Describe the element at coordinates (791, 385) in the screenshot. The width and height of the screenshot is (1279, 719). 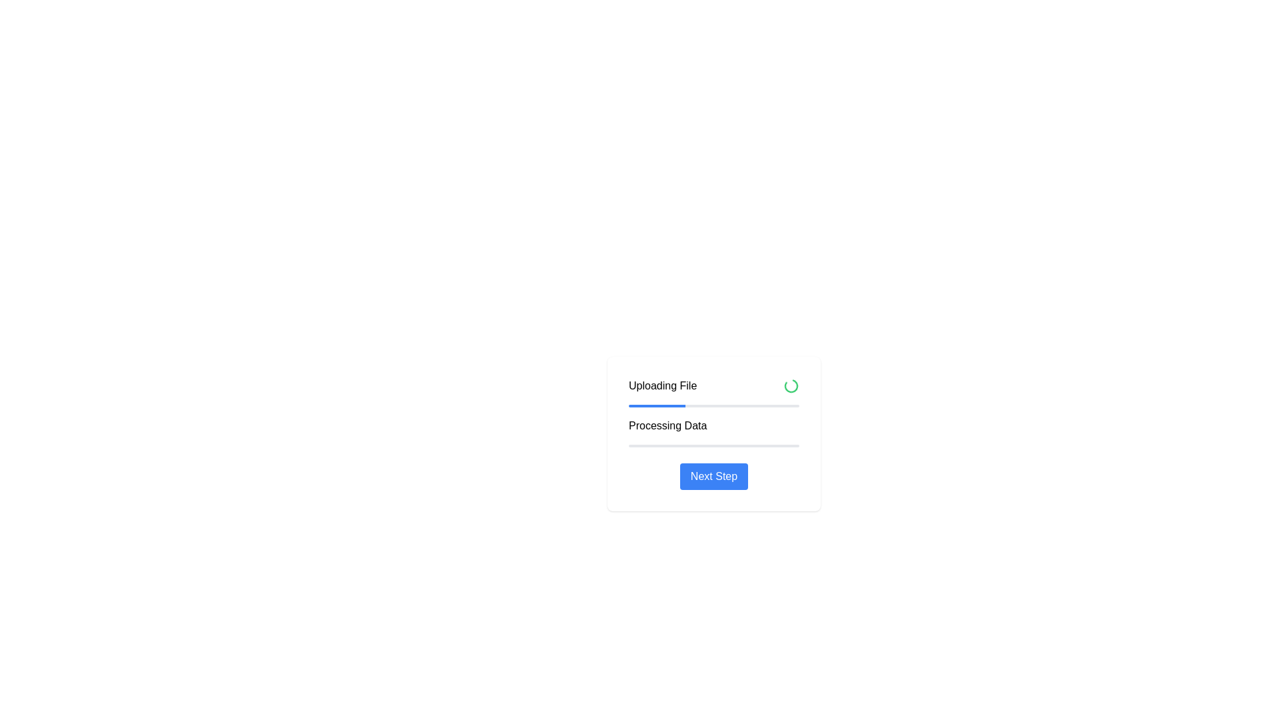
I see `the animated spinner or loader icon, which is a small circular spinner styled as a thin green outline, located near the top-right corner of the box containing text like 'Uploading File' and 'Processing Data'` at that location.